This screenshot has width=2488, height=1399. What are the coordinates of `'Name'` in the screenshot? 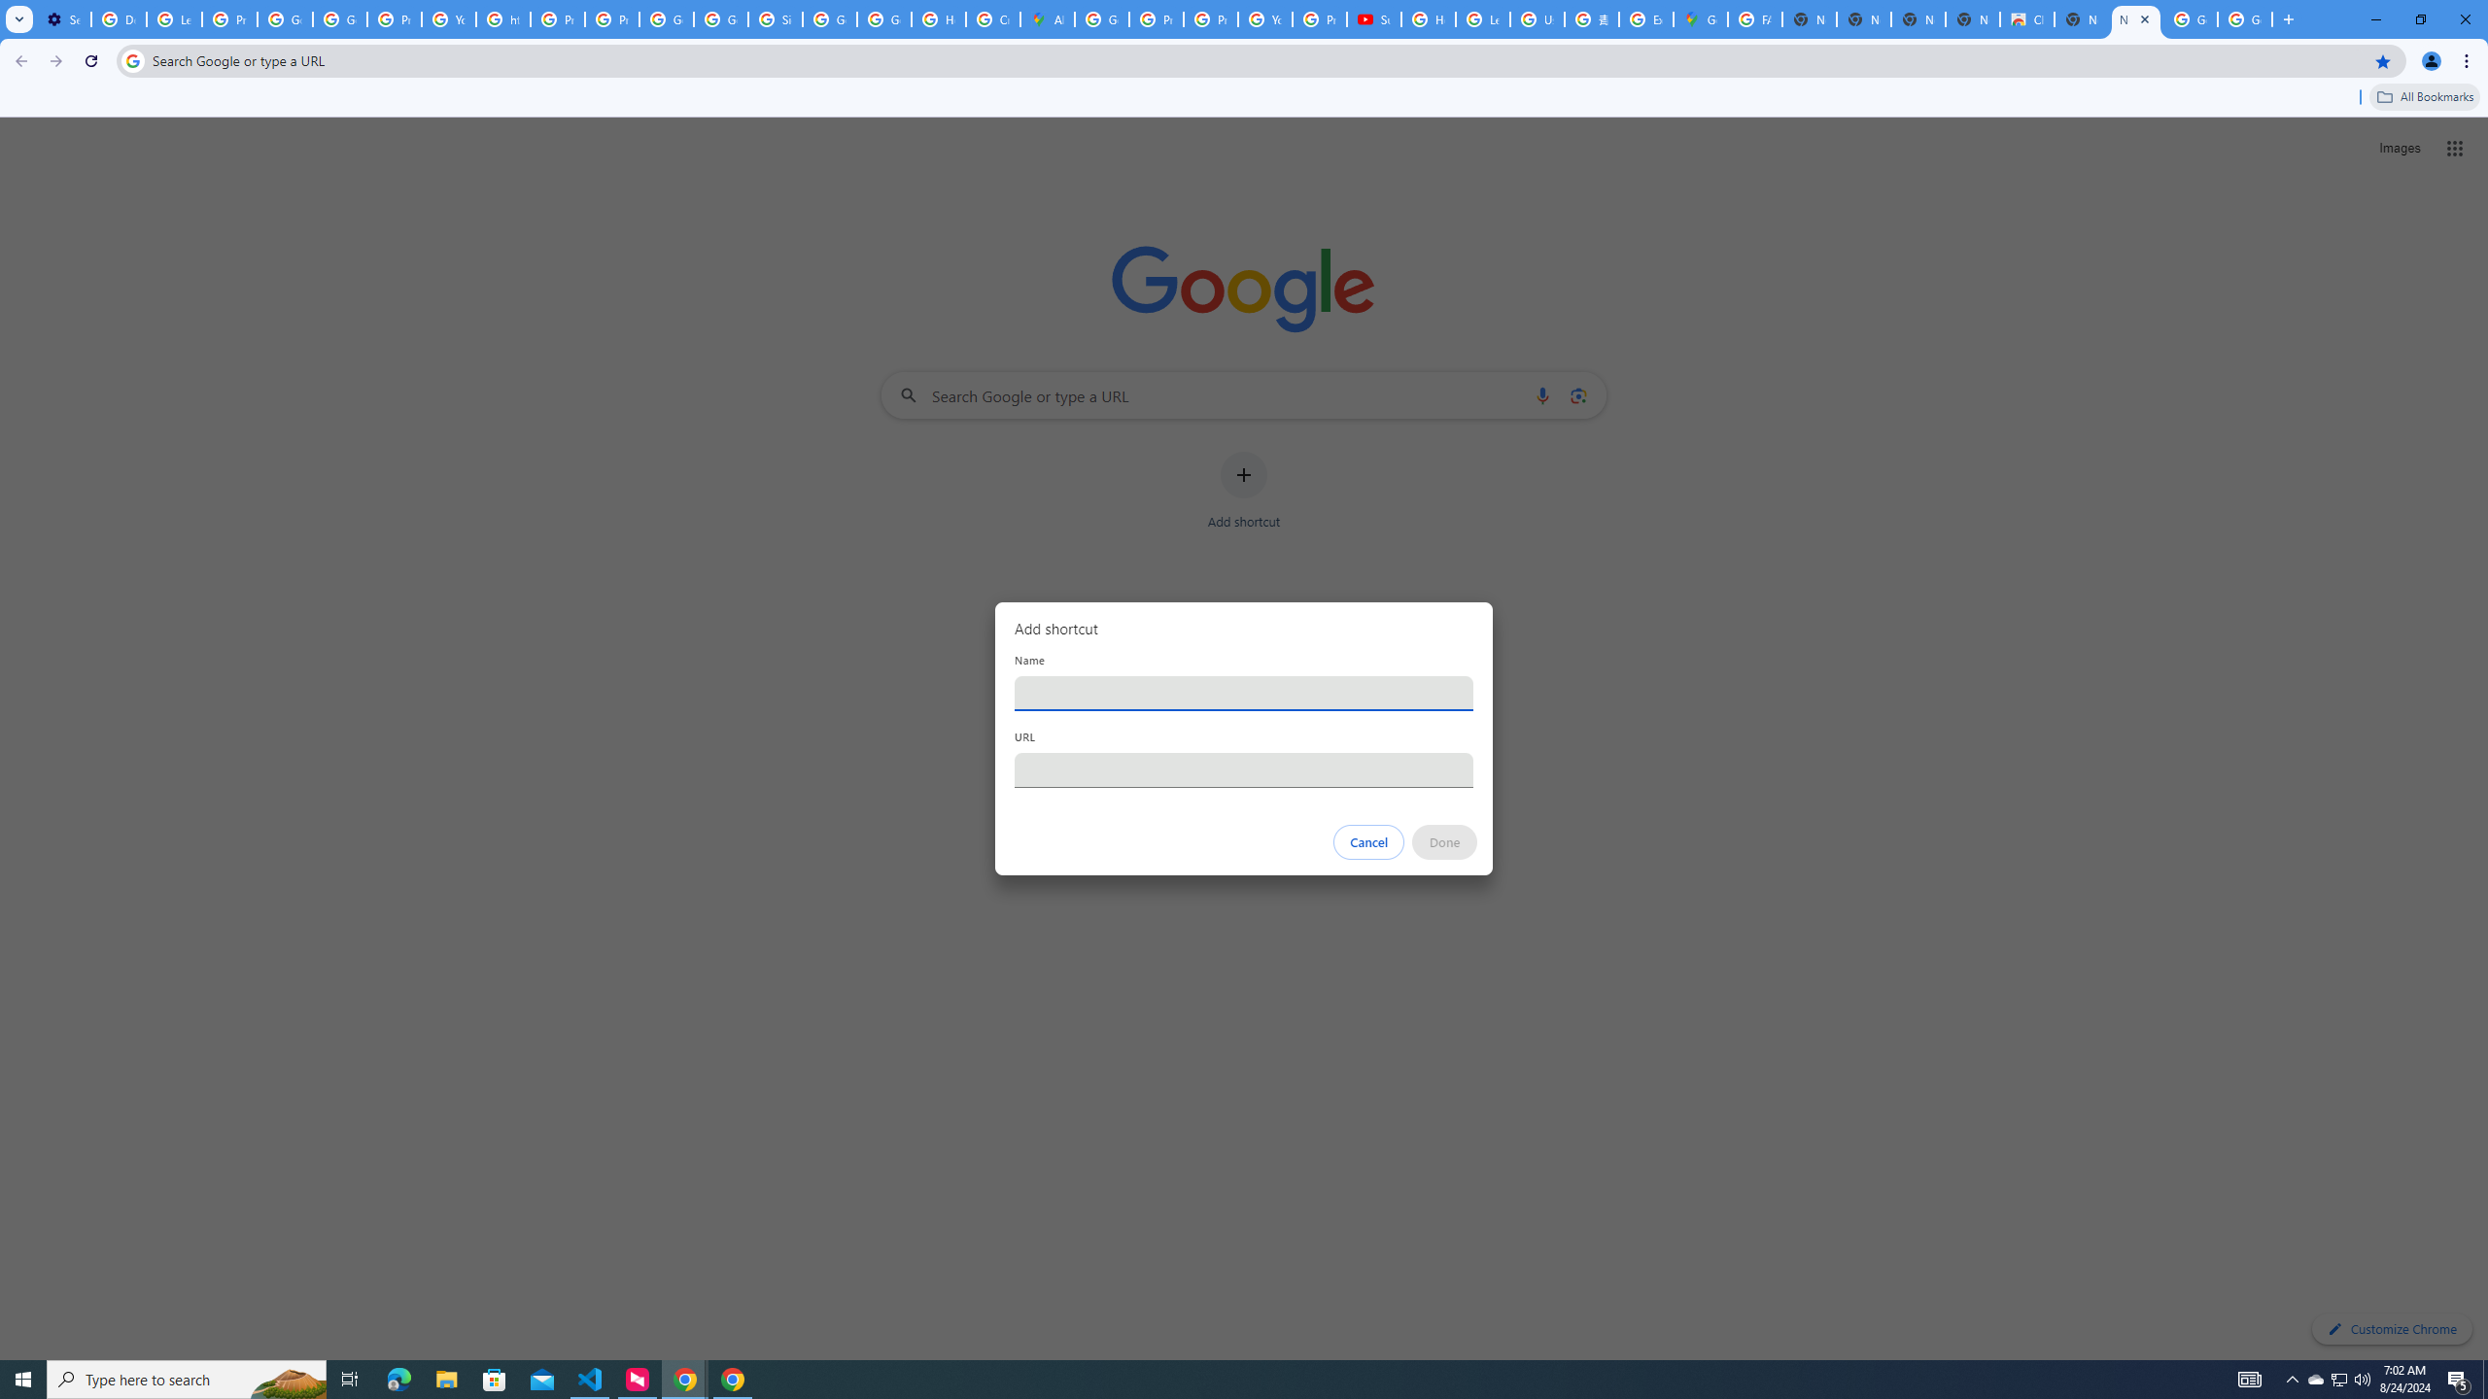 It's located at (1244, 692).